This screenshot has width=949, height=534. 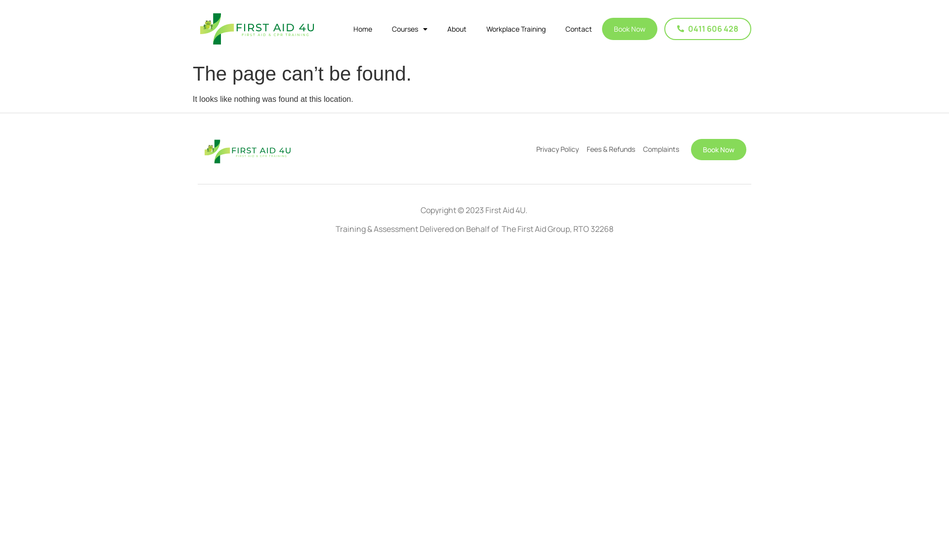 What do you see at coordinates (579, 28) in the screenshot?
I see `'Contact'` at bounding box center [579, 28].